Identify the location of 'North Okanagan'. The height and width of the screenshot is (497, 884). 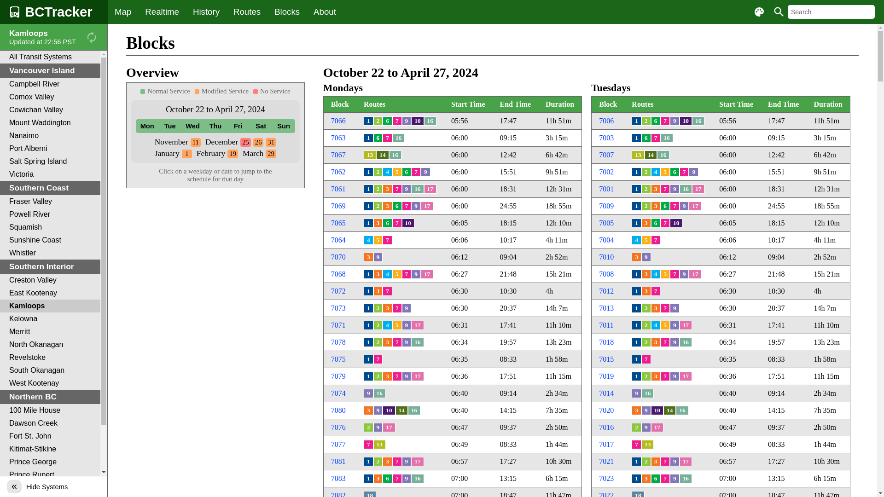
(50, 344).